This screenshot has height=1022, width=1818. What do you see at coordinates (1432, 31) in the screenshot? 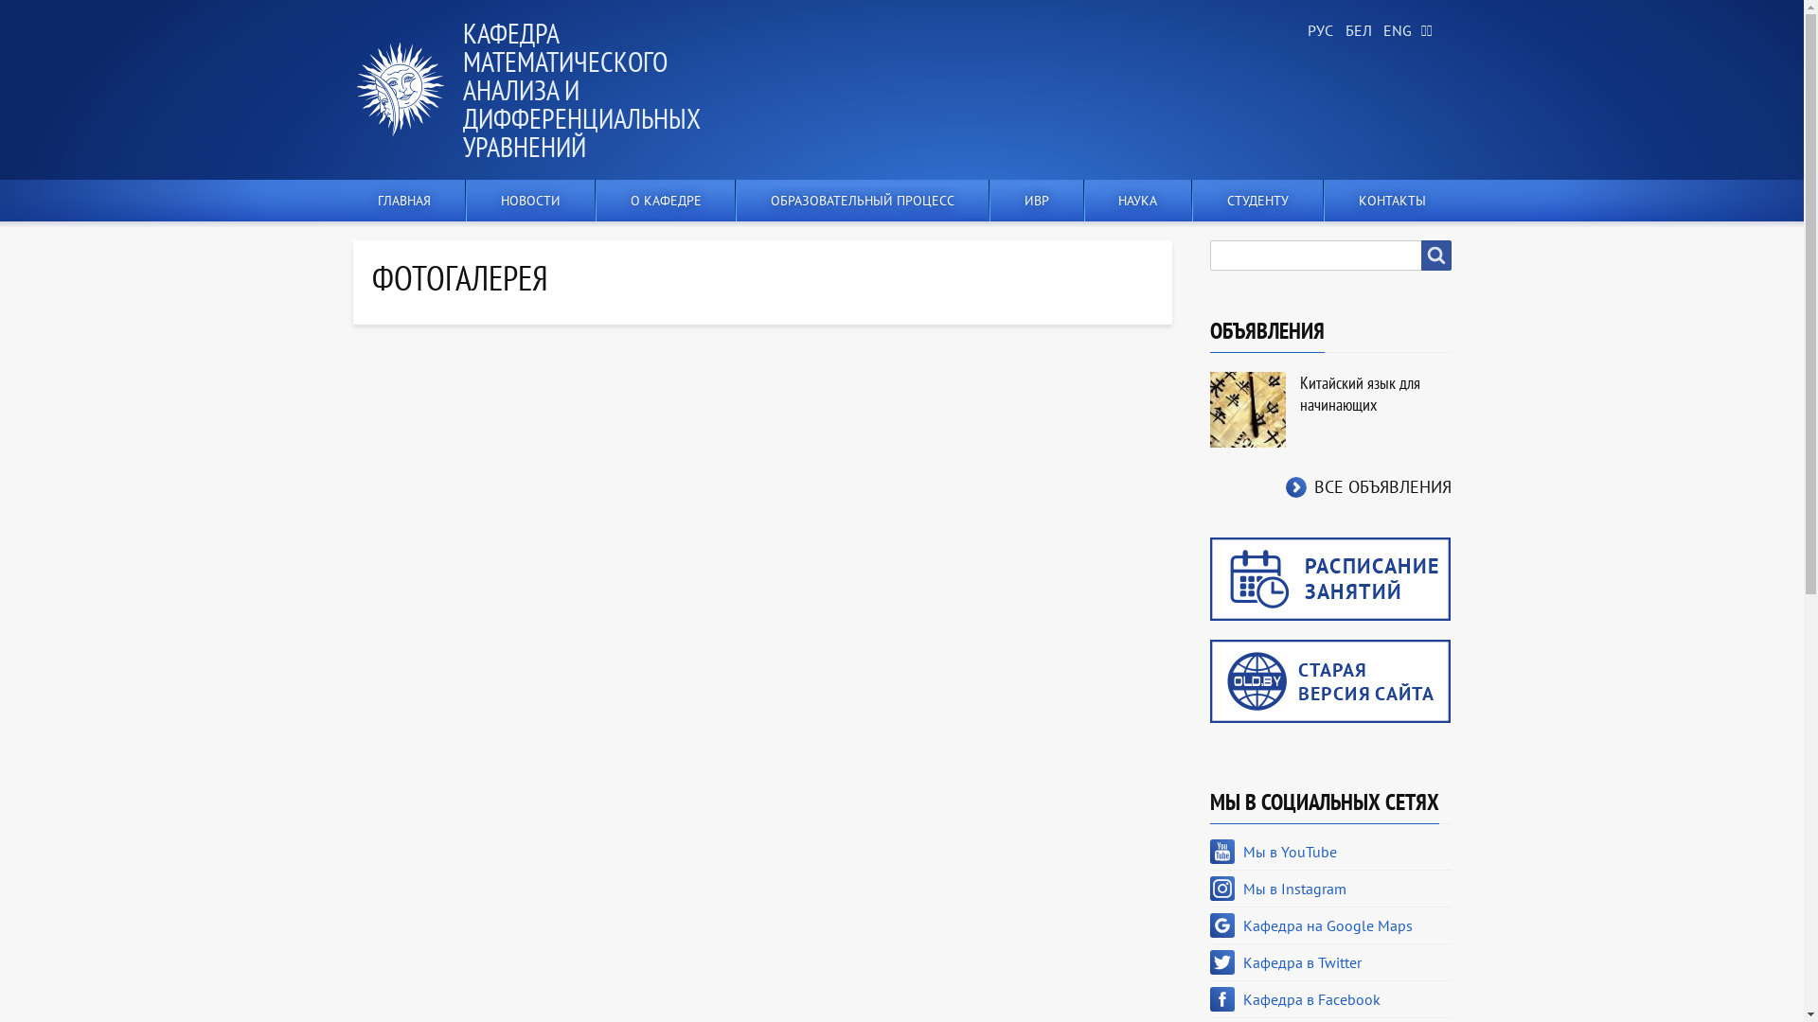
I see `'Chinese, Traditional'` at bounding box center [1432, 31].